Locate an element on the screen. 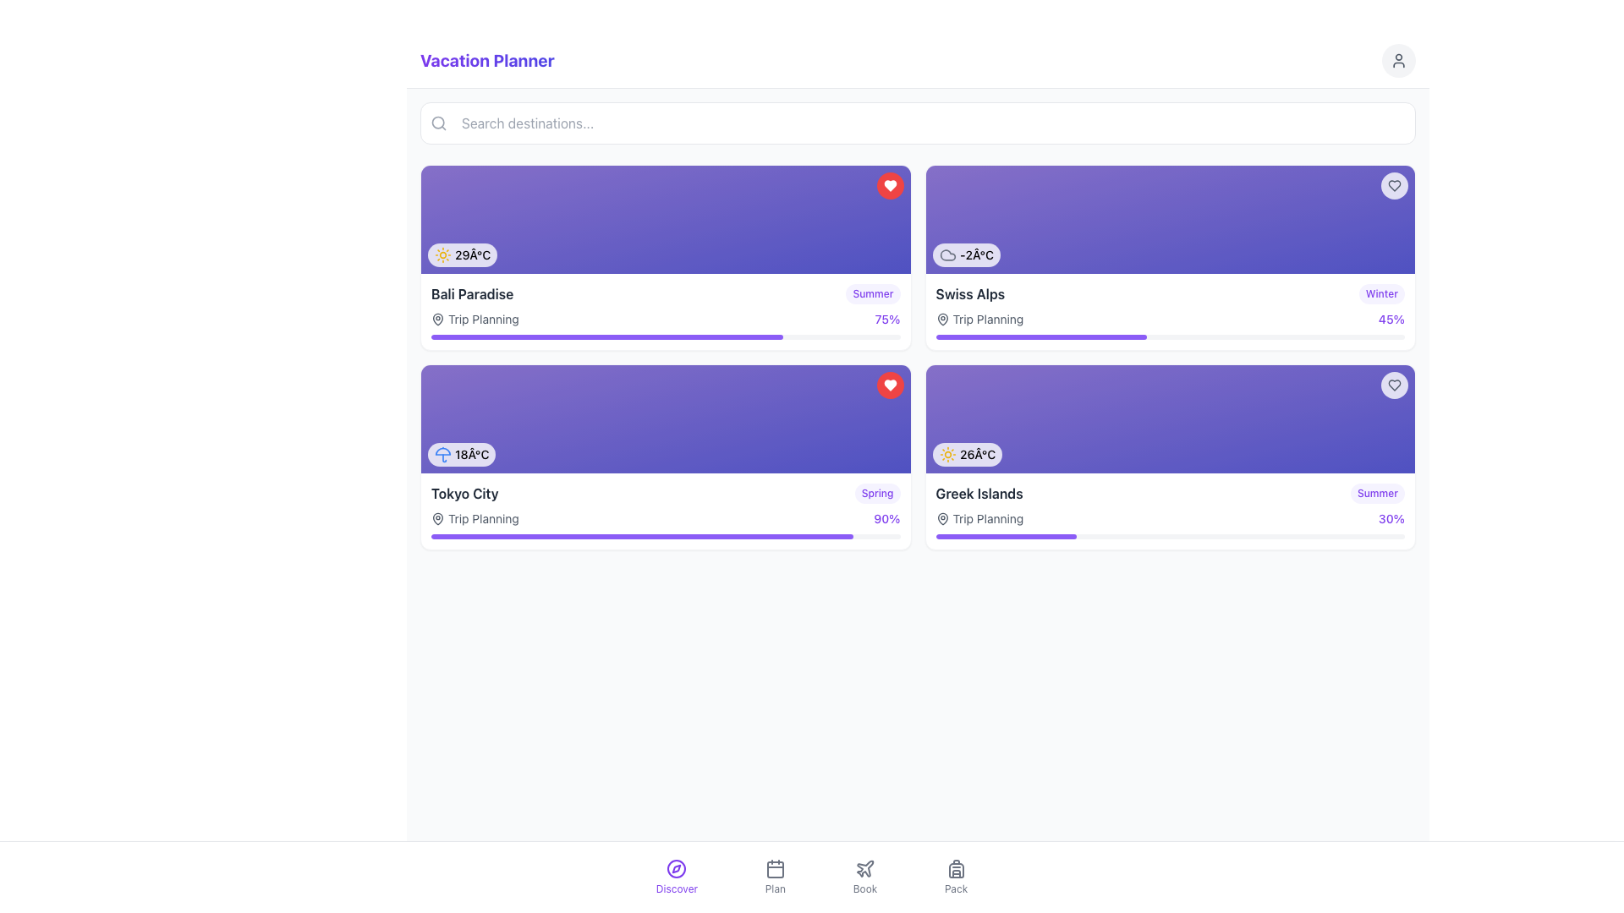  text description of the text label located in the lower part of the 'Greek Islands' tile, positioned to the right of a map pin icon is located at coordinates (988, 517).